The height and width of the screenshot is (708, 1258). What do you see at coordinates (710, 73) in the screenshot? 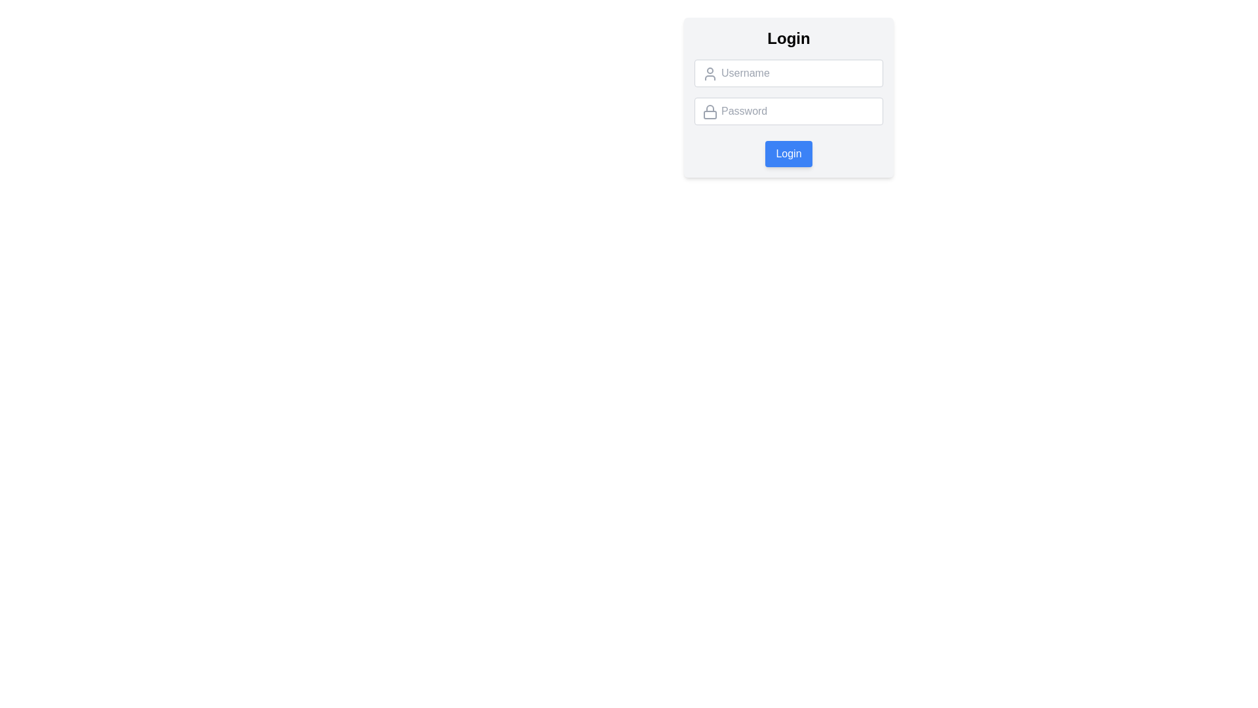
I see `the user silhouette icon located inside the username input field, positioned to the left of the text entry area` at bounding box center [710, 73].